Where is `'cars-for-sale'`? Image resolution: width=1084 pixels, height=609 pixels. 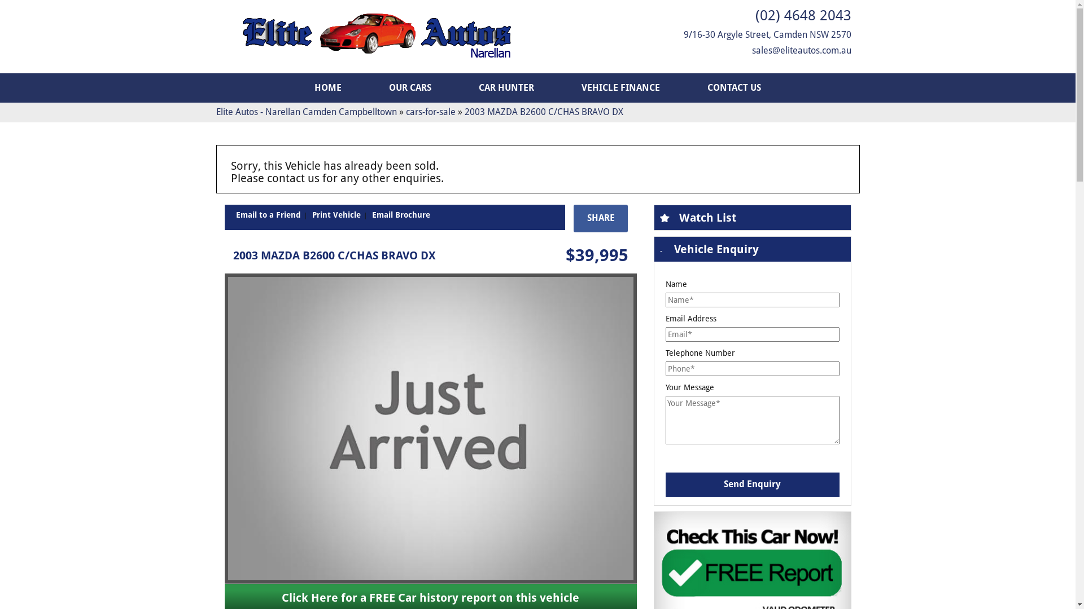
'cars-for-sale' is located at coordinates (430, 112).